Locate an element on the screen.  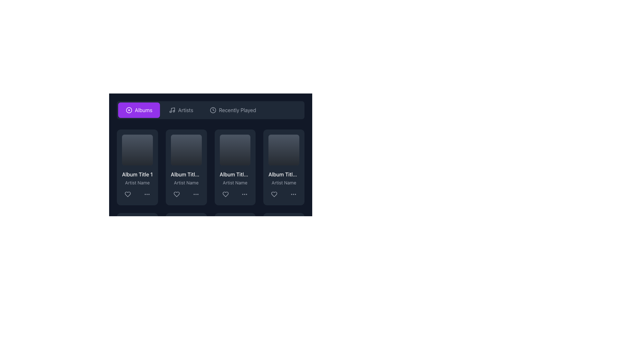
the heart-shaped icon button, which is gray and outlined is located at coordinates (274, 194).